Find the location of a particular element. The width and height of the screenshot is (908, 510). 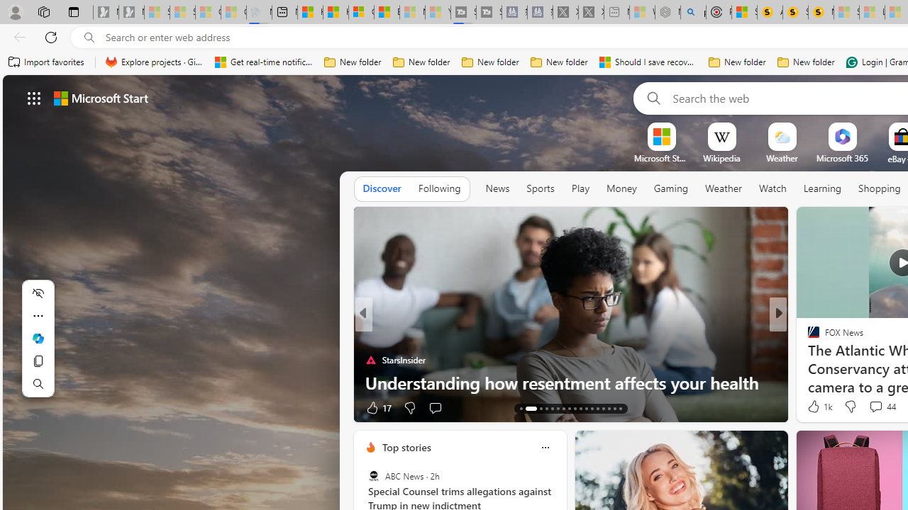

'To get missing image descriptions, open the context menu.' is located at coordinates (660, 136).